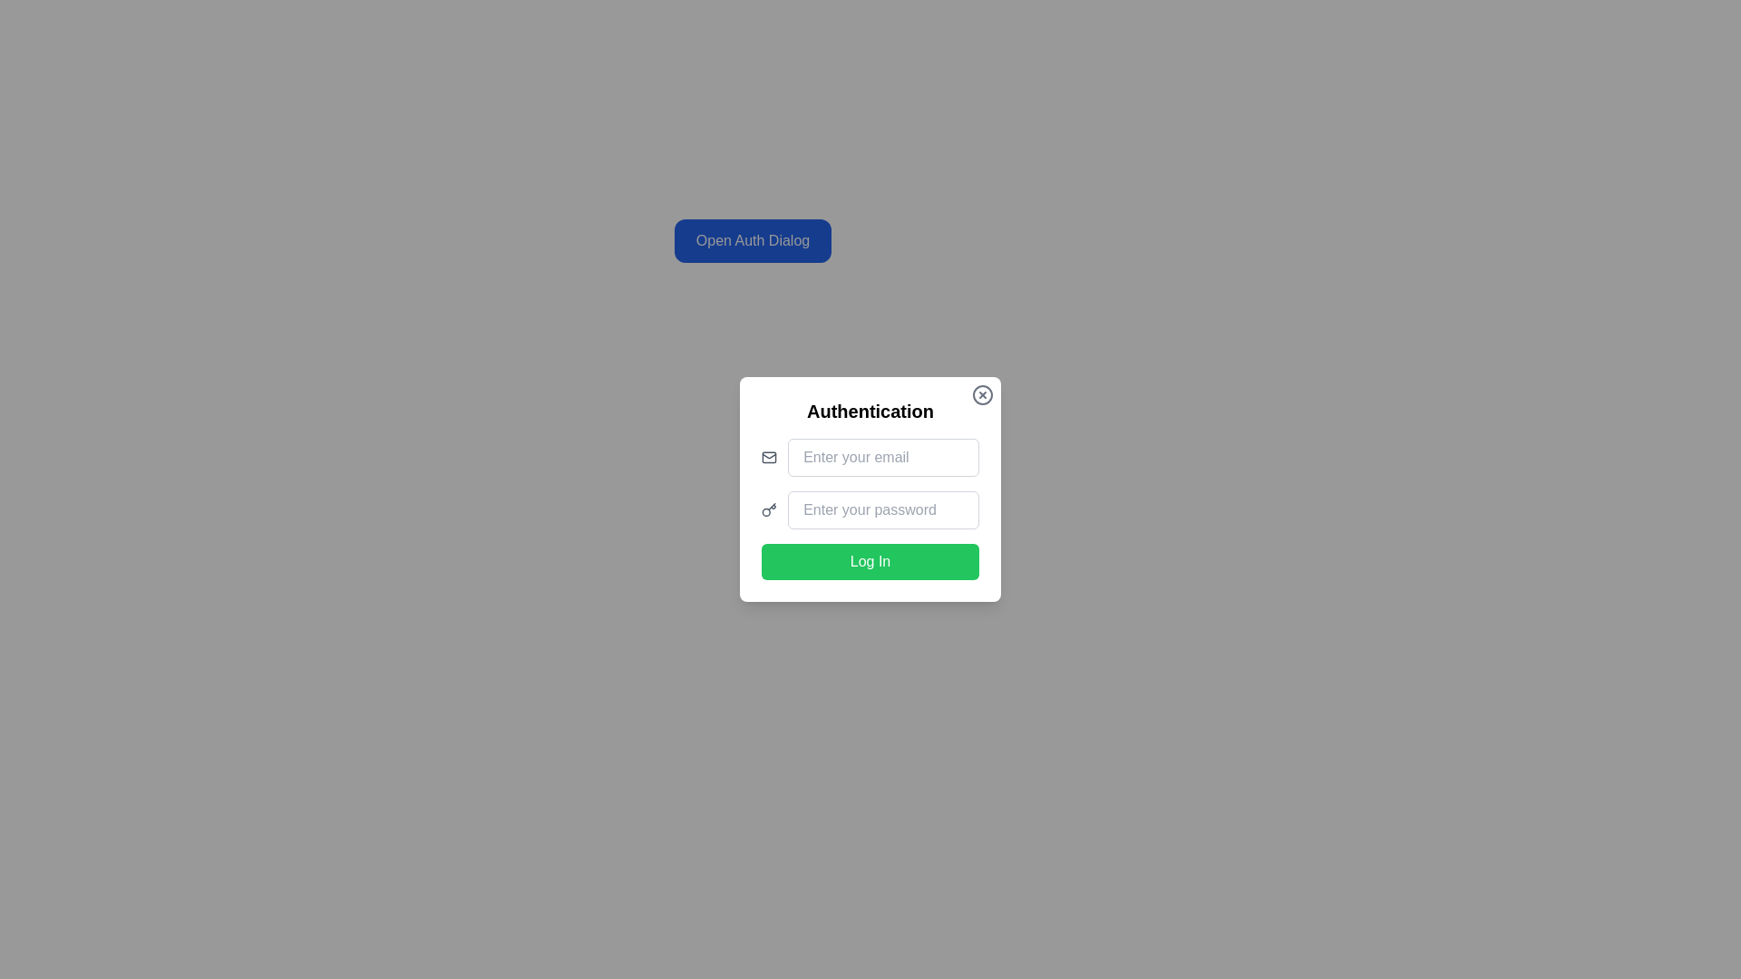 This screenshot has height=979, width=1741. Describe the element at coordinates (883, 510) in the screenshot. I see `the Password input field located in the authentication modal, which is positioned below the 'Enter your email' input field and next to a key icon` at that location.